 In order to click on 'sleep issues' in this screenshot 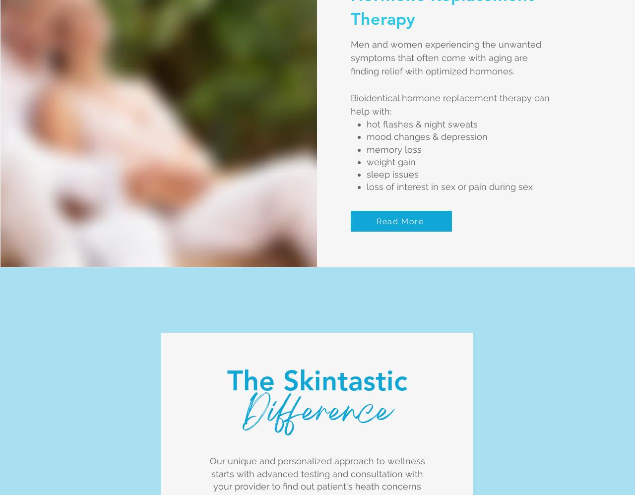, I will do `click(366, 173)`.